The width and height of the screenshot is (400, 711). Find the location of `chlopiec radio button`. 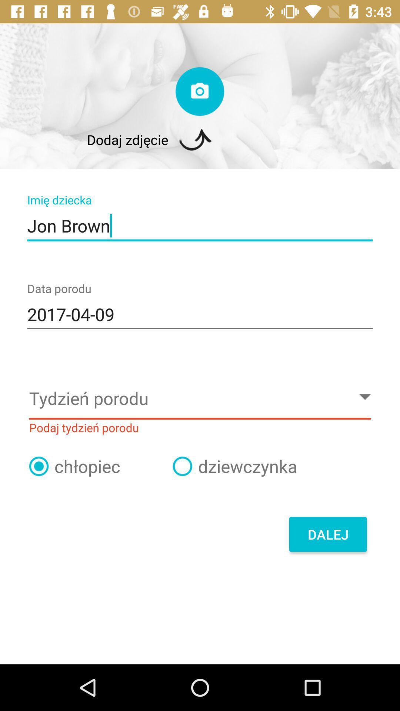

chlopiec radio button is located at coordinates (39, 466).